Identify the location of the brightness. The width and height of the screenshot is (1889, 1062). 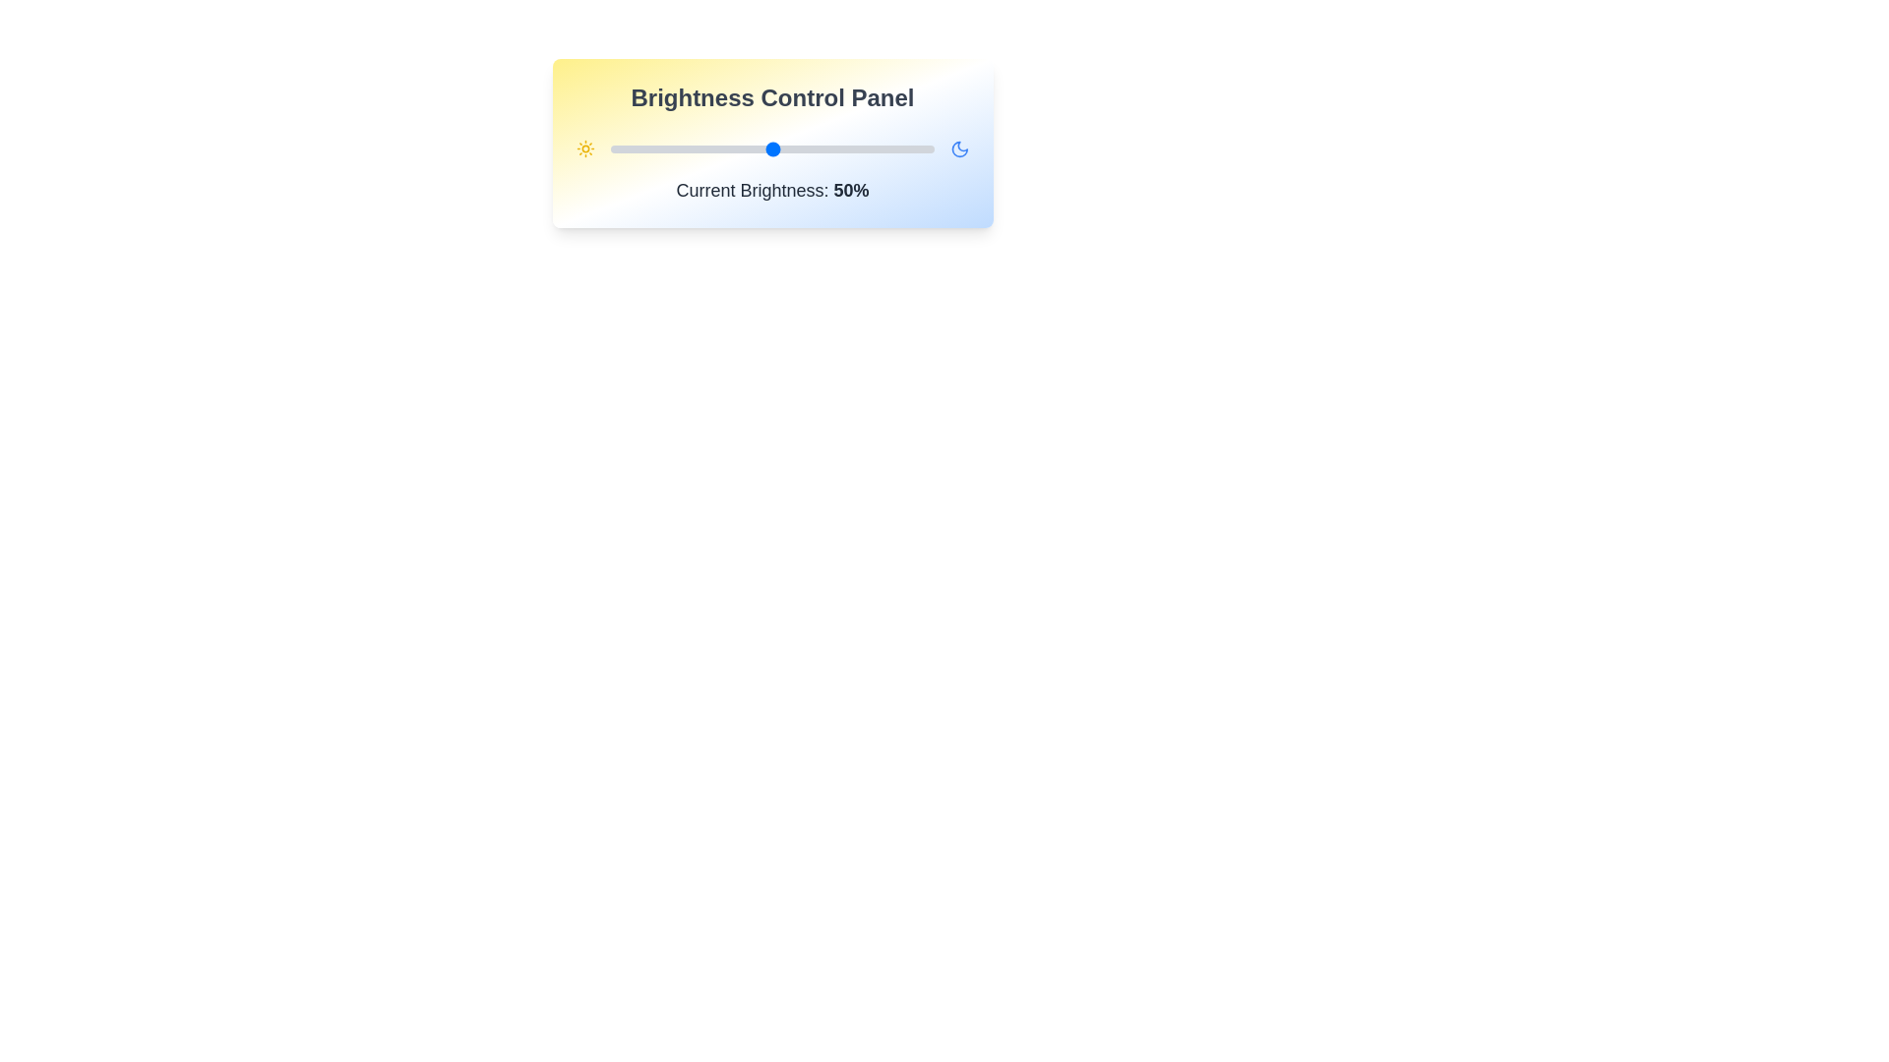
(853, 147).